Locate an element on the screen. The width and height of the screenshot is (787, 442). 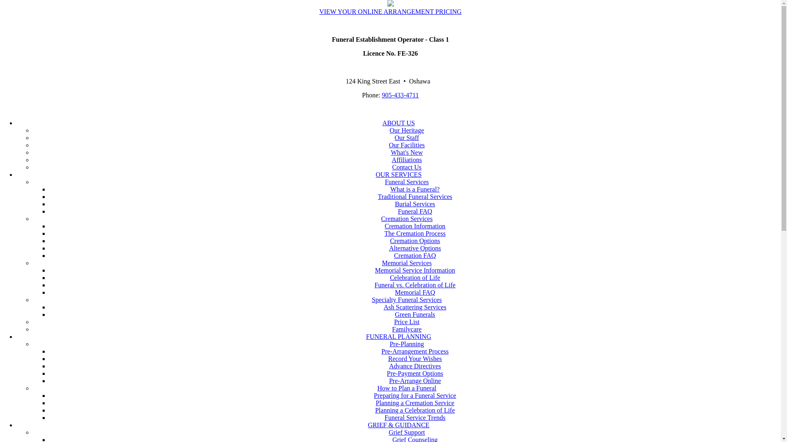
'Traditional Funeral Services' is located at coordinates (415, 196).